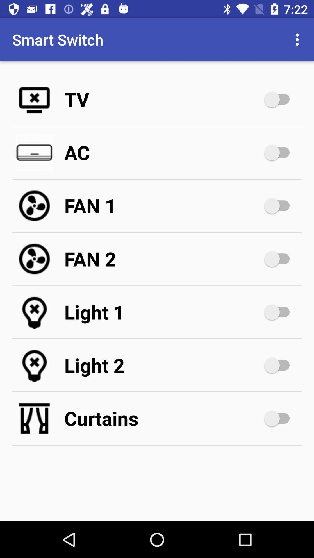 The width and height of the screenshot is (314, 558). I want to click on the icon below fan 1 item, so click(163, 259).